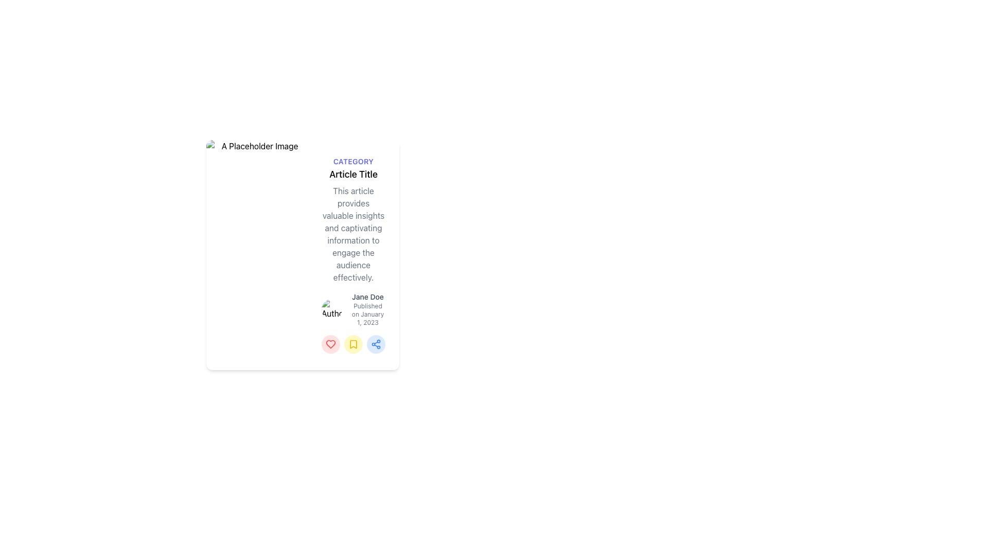 Image resolution: width=988 pixels, height=556 pixels. I want to click on the middle button located beneath the article content to initiate bookmarking, which is surrounded by a heart symbol button on the left and a share symbol button on the right, so click(353, 343).